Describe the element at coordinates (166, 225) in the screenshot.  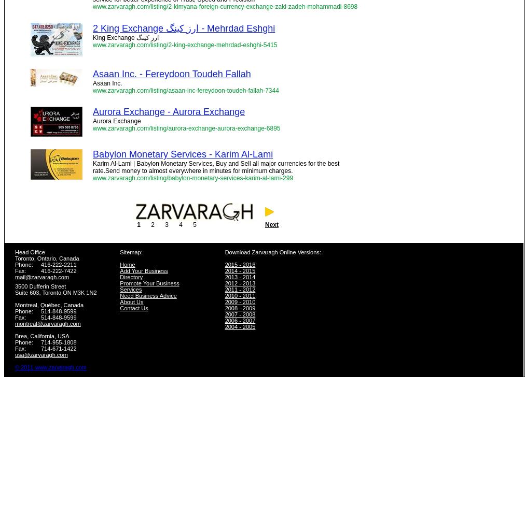
I see `'3'` at that location.